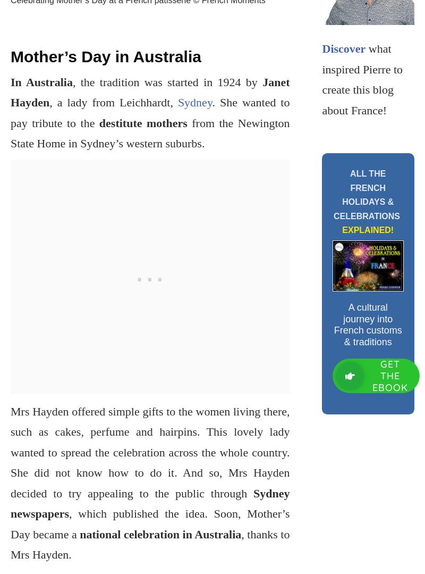 This screenshot has height=574, width=425. Describe the element at coordinates (142, 122) in the screenshot. I see `'destitute mothers'` at that location.